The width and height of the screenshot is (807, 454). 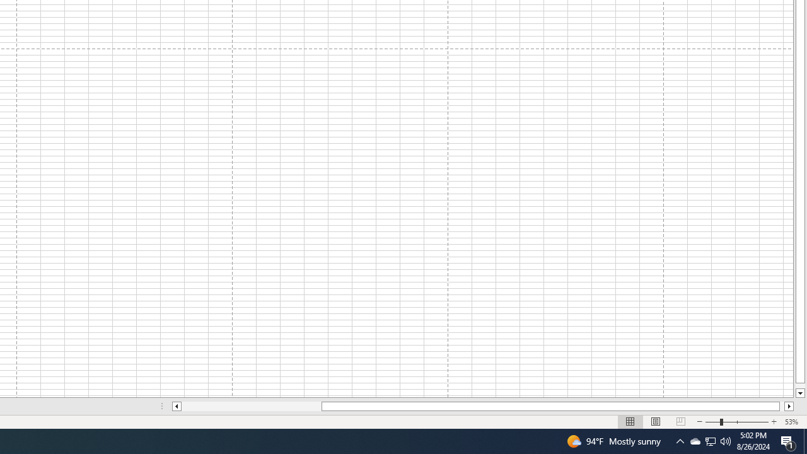 I want to click on 'Zoom Out', so click(x=712, y=422).